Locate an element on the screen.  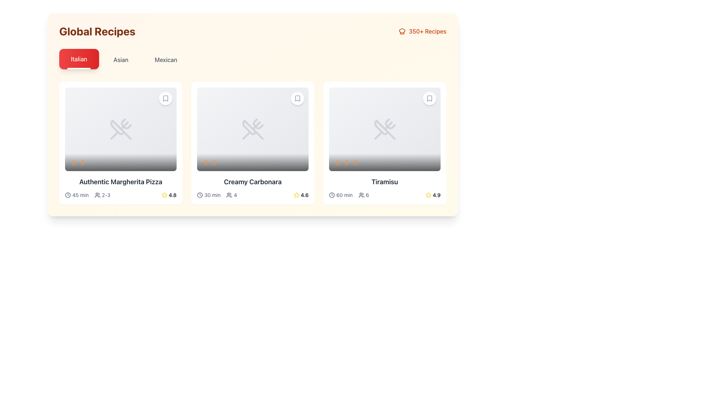
title 'Creamy Carbonara' from the text label, which is prominently displayed in bold, large font on a white card background near the bottom of the second card in a horizontally aligned list is located at coordinates (253, 181).